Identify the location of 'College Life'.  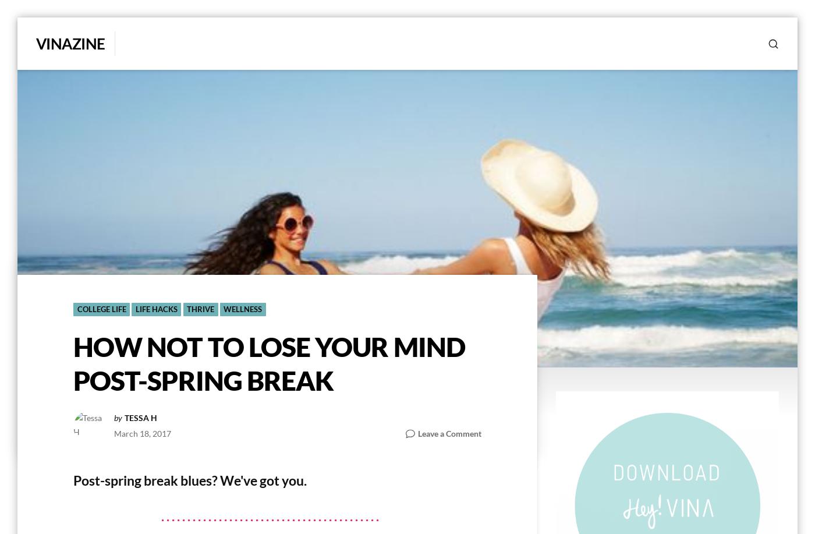
(101, 309).